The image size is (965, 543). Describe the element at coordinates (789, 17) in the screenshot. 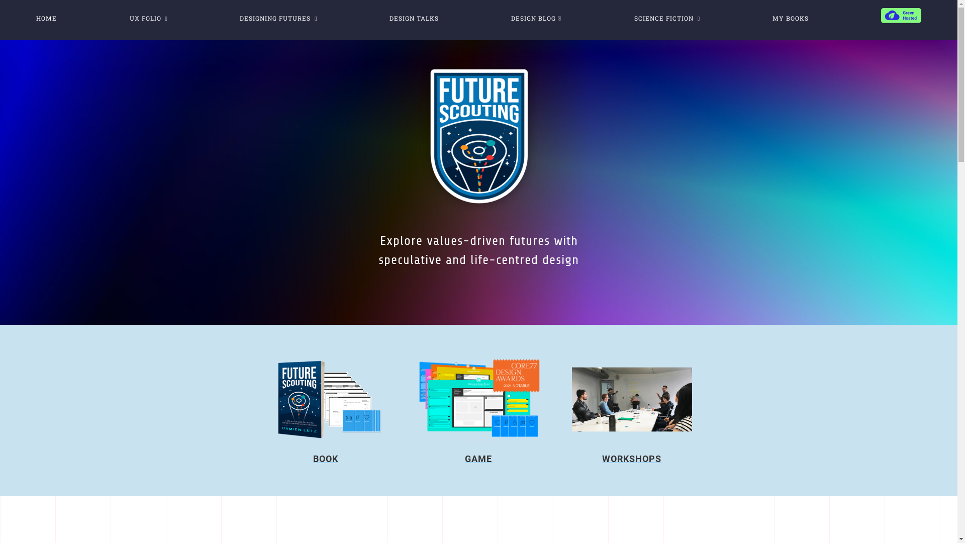

I see `'MY BOOKS'` at that location.